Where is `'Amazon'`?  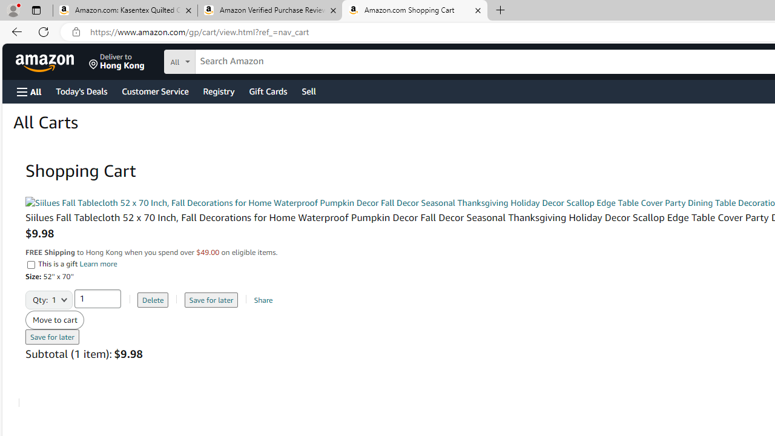
'Amazon' is located at coordinates (46, 61).